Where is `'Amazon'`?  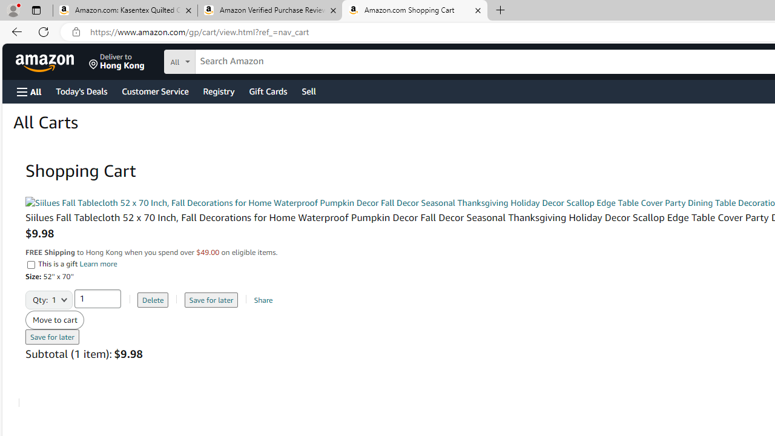
'Amazon' is located at coordinates (46, 61).